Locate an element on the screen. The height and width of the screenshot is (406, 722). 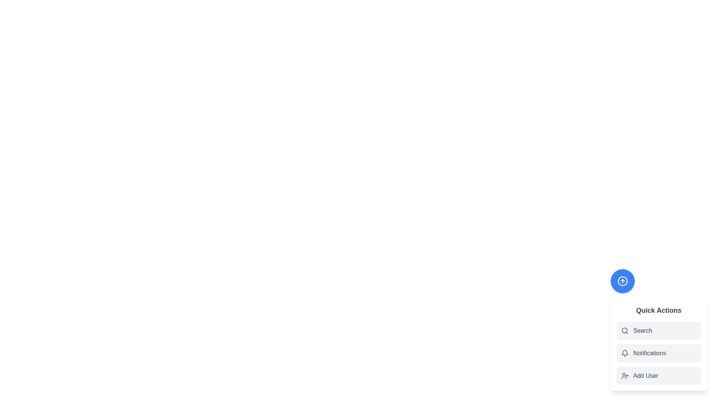
the circle element that represents the glass portion of the magnifying glass in the SVG graphic, which is centrally positioned within the search icon is located at coordinates (625, 330).